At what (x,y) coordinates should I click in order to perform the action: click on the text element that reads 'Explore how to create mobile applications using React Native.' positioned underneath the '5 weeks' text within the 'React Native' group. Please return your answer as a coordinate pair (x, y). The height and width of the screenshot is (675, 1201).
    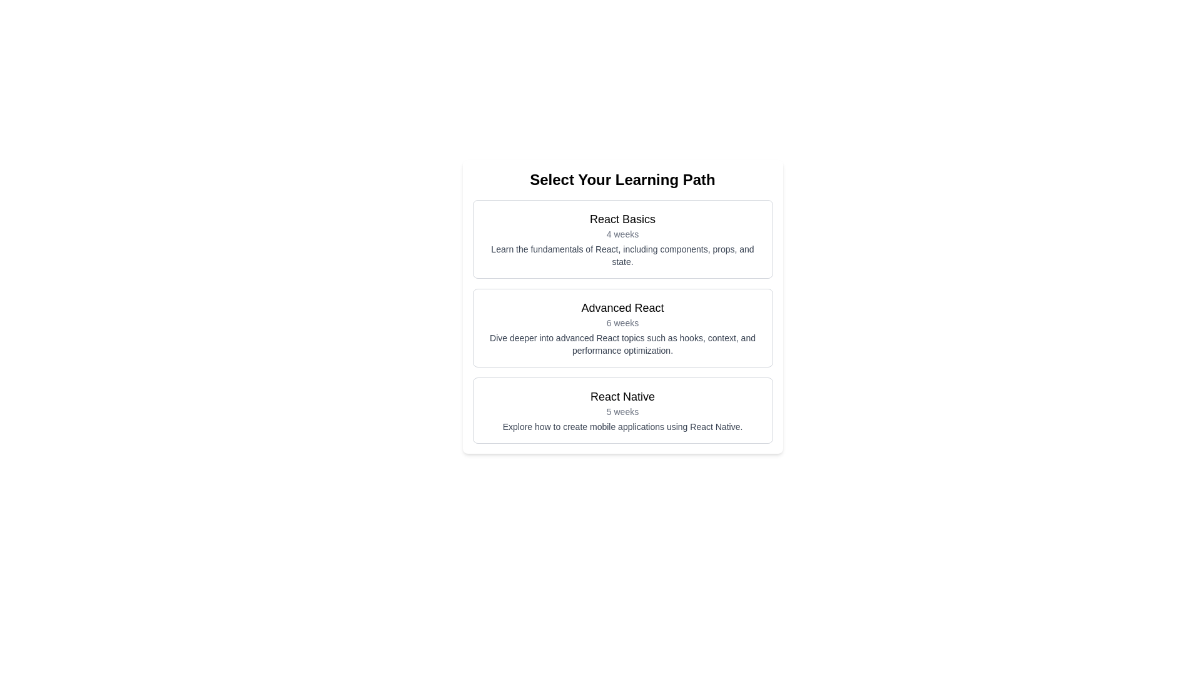
    Looking at the image, I should click on (622, 426).